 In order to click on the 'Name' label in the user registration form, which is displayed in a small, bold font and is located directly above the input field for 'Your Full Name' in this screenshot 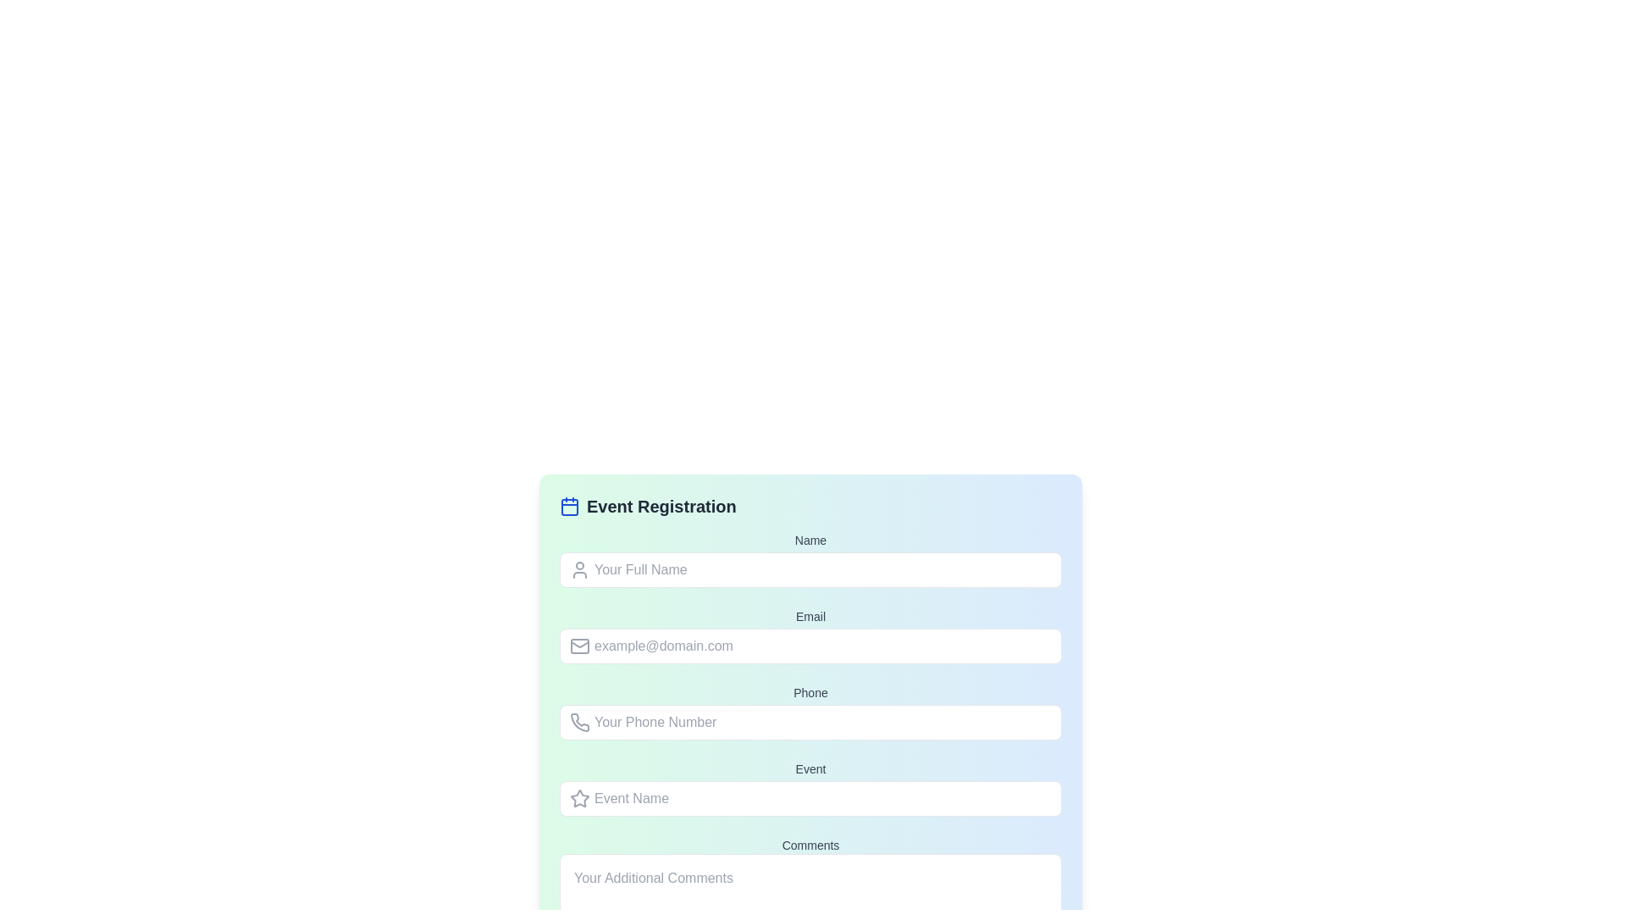, I will do `click(810, 540)`.